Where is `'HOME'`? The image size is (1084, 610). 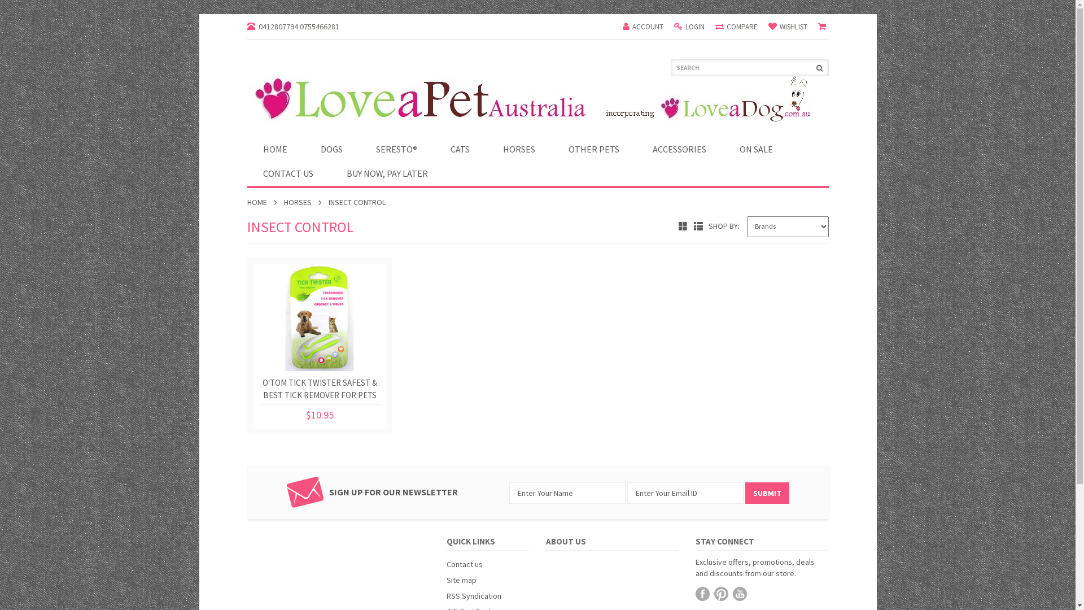 'HOME' is located at coordinates (261, 202).